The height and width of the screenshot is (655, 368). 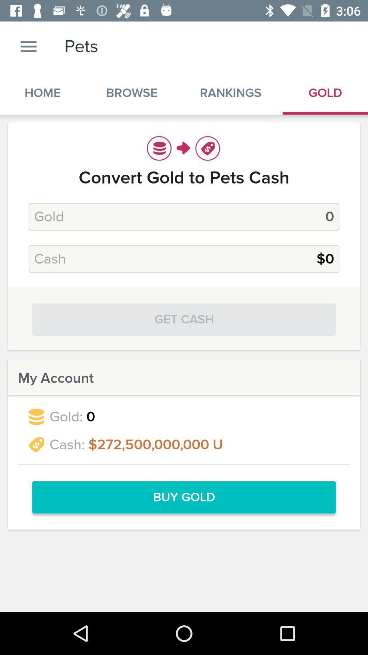 I want to click on buy gold item, so click(x=184, y=497).